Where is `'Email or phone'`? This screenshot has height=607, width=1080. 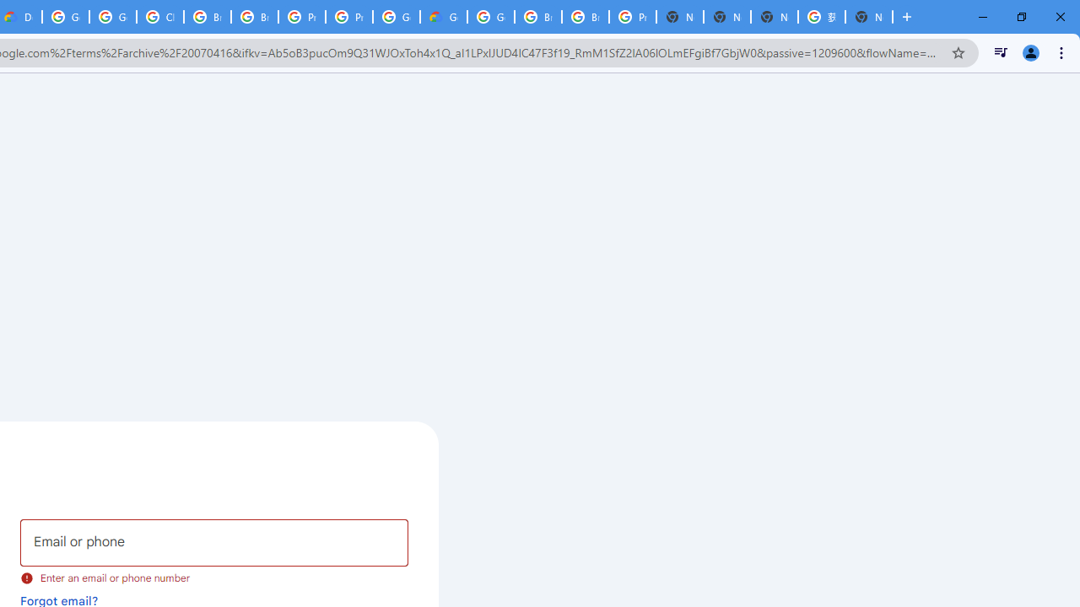
'Email or phone' is located at coordinates (213, 542).